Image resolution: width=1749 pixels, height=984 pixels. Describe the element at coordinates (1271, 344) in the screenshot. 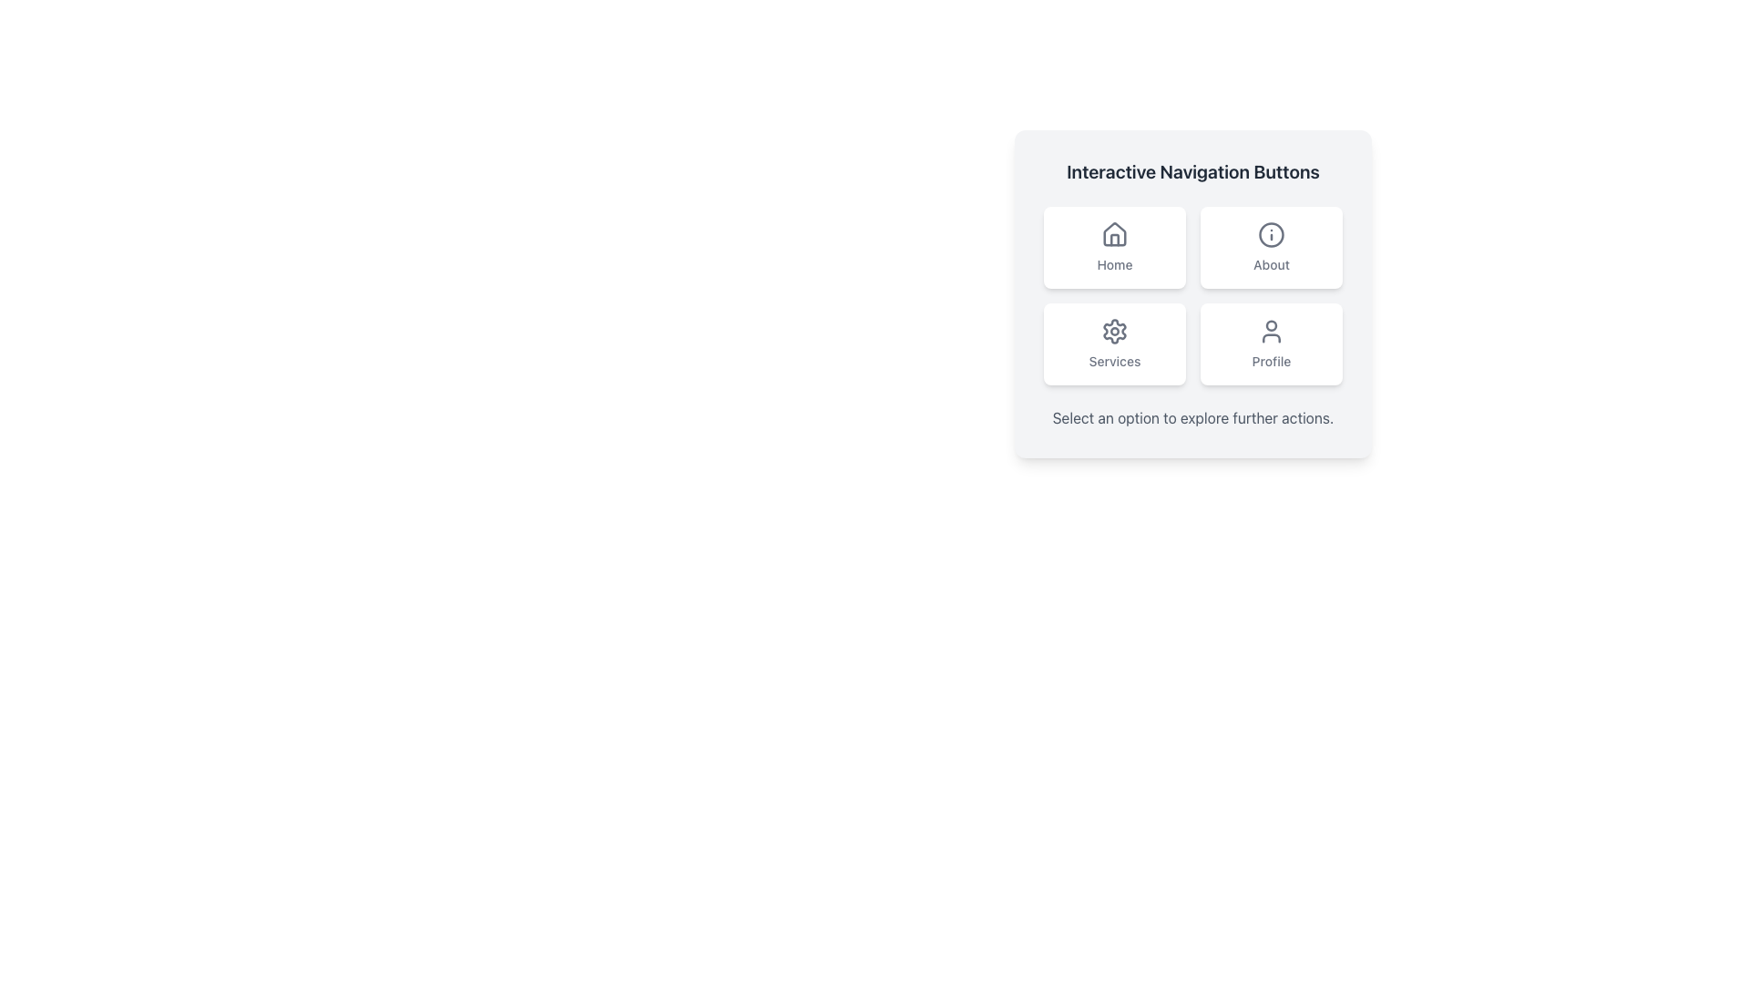

I see `the 'Profile' navigation button located in the bottom-right corner of the grid layout` at that location.